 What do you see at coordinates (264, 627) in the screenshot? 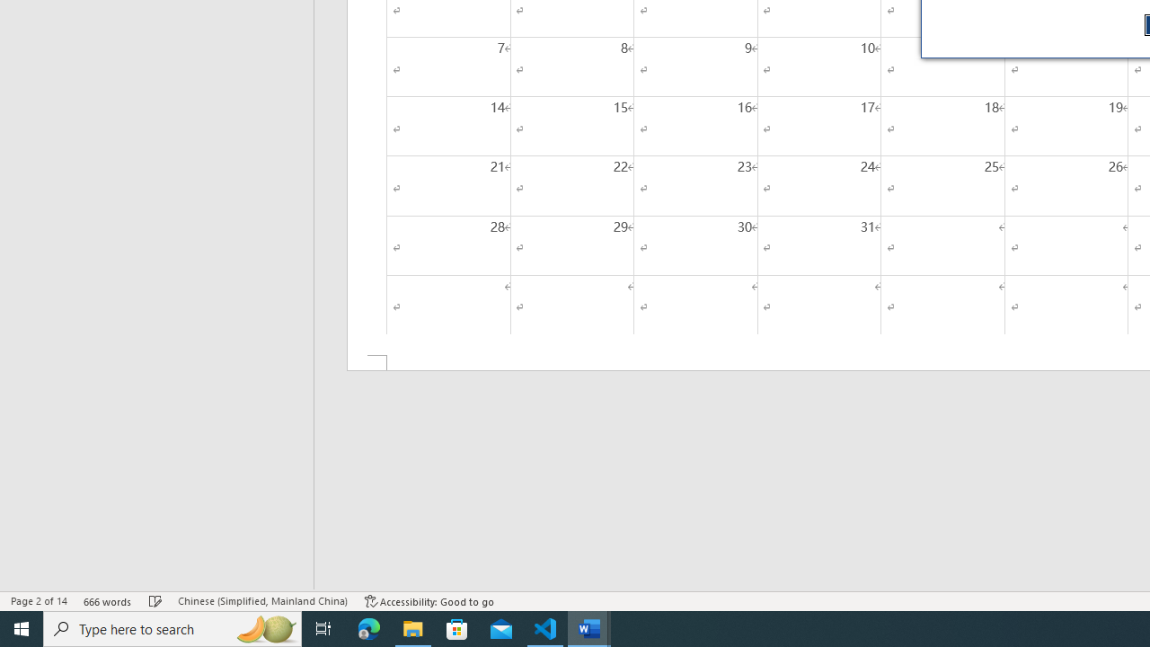
I see `'Search highlights icon opens search home window'` at bounding box center [264, 627].